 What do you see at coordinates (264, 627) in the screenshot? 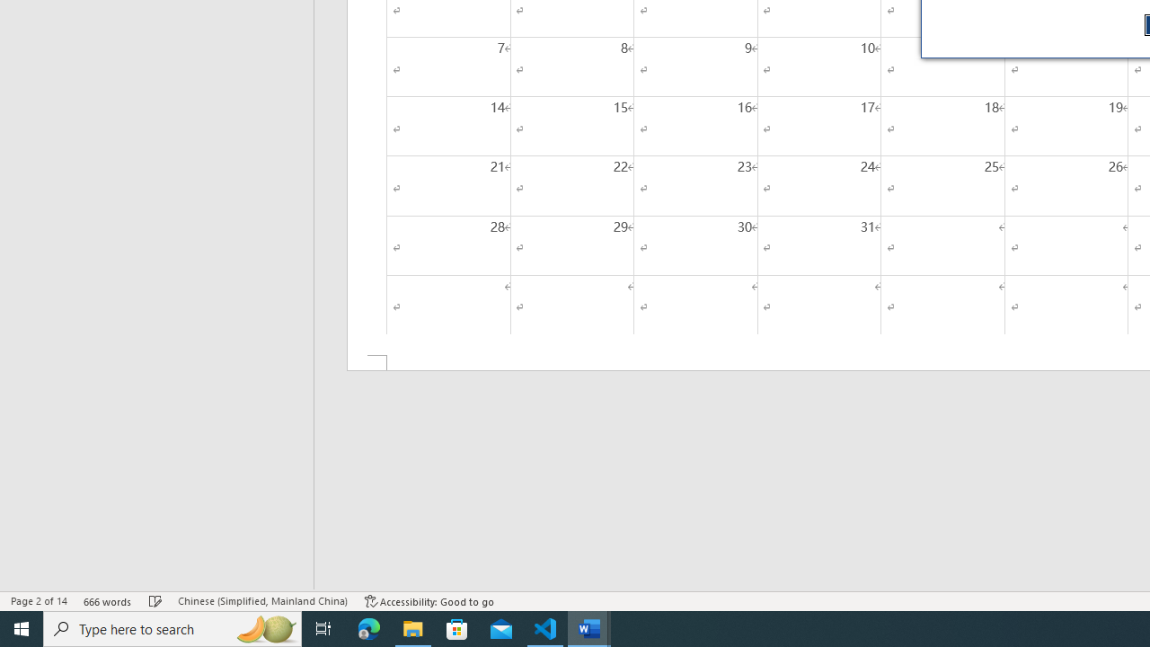
I see `'Search highlights icon opens search home window'` at bounding box center [264, 627].